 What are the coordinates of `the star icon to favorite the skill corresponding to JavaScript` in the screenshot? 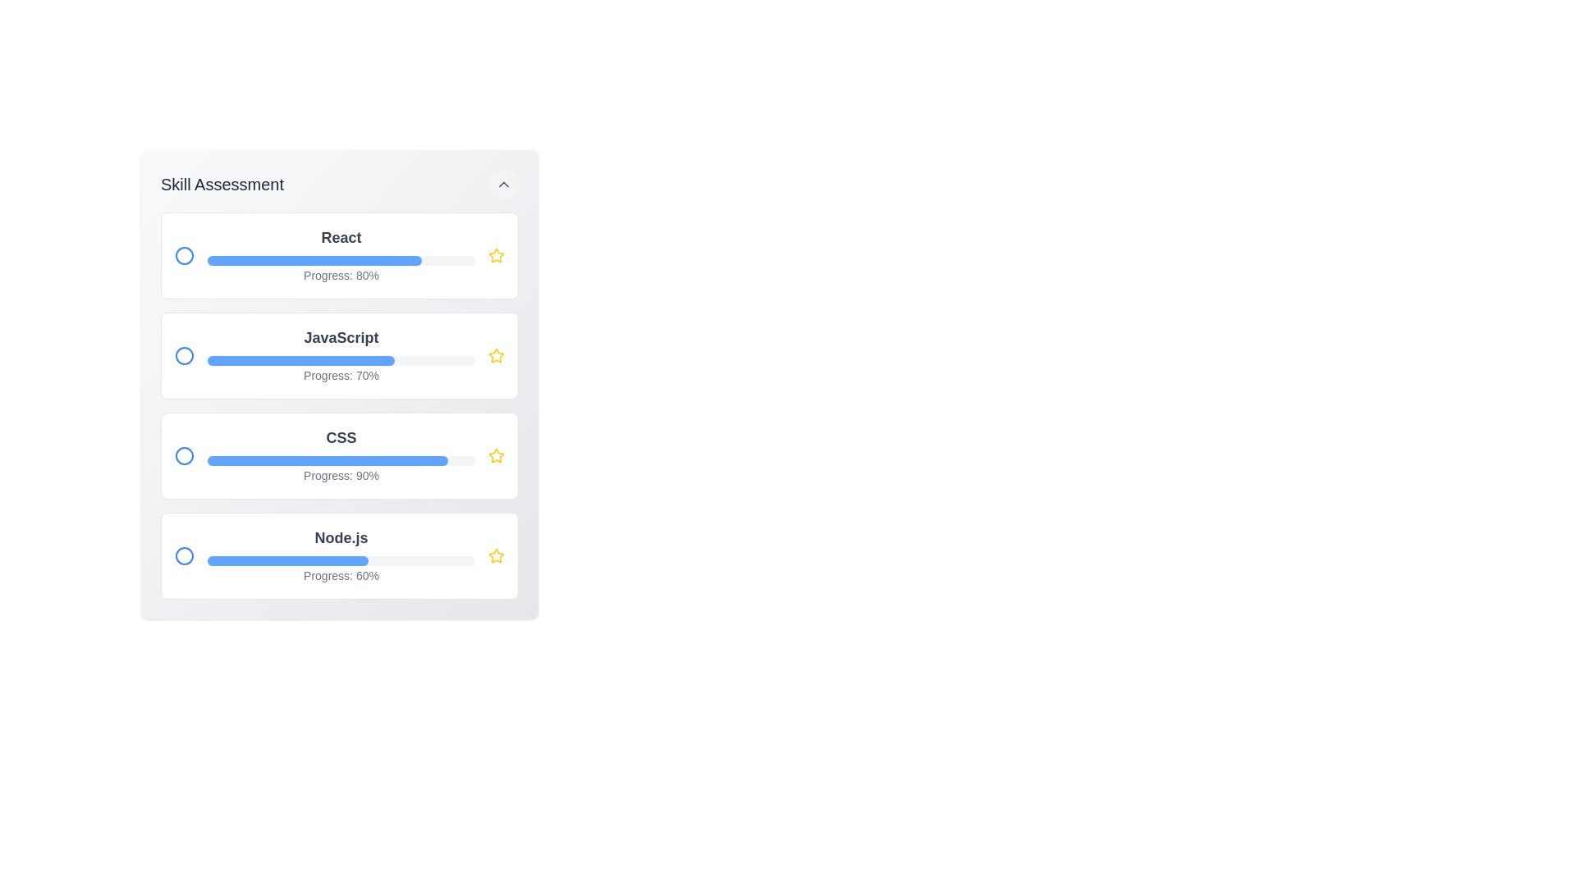 It's located at (495, 355).